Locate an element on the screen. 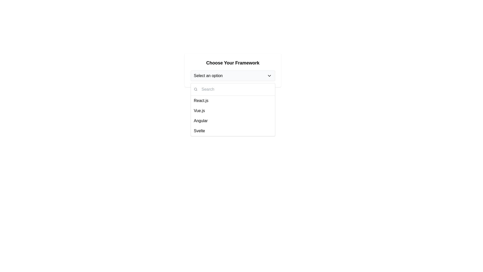 The height and width of the screenshot is (272, 483). the text label 'Select an option' within the dropdown menu to initiate selection is located at coordinates (208, 76).